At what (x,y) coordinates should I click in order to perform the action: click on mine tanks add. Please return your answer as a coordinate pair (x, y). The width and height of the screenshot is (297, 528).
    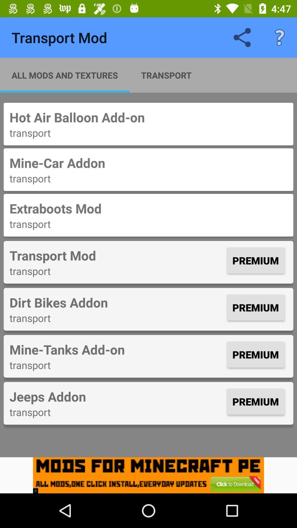
    Looking at the image, I should click on (116, 349).